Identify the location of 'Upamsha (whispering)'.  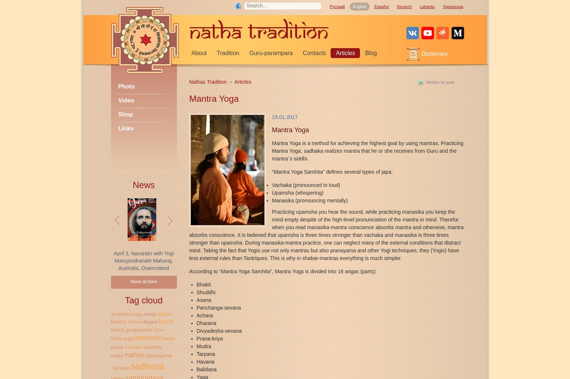
(297, 192).